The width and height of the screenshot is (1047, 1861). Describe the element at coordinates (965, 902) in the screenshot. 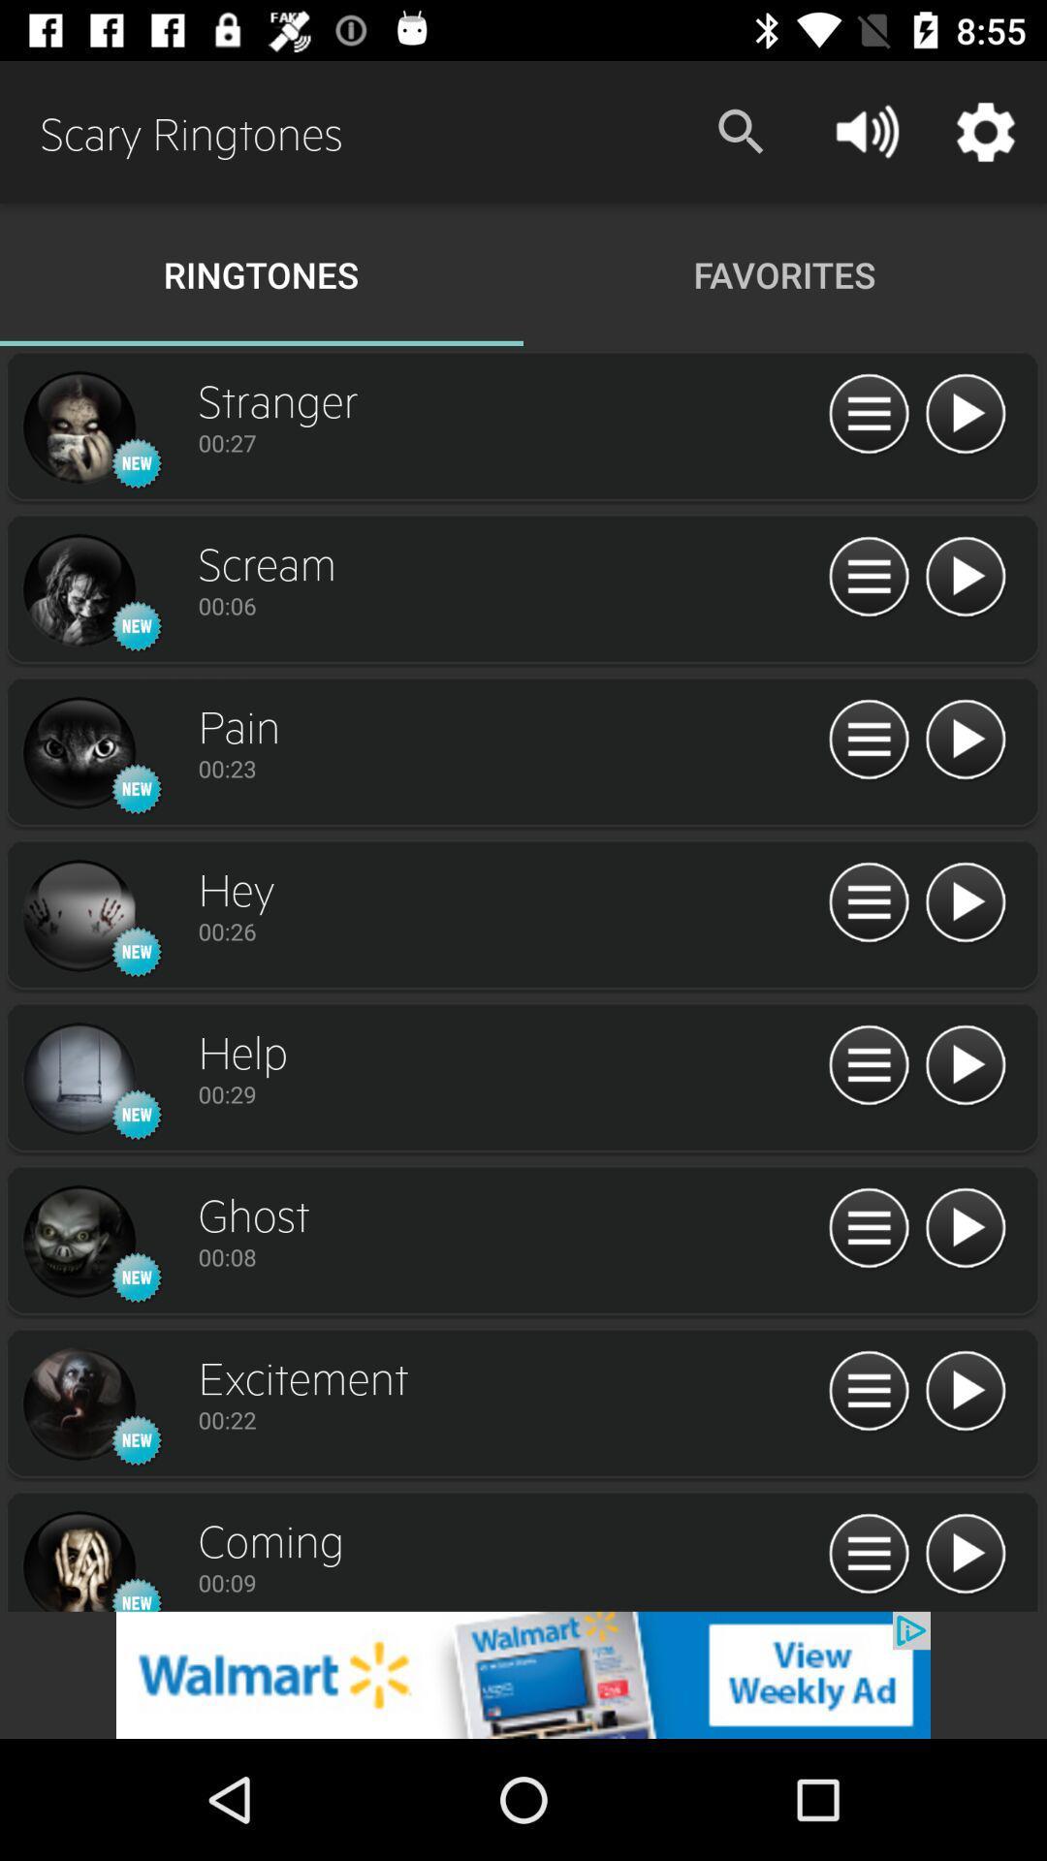

I see `the play button` at that location.